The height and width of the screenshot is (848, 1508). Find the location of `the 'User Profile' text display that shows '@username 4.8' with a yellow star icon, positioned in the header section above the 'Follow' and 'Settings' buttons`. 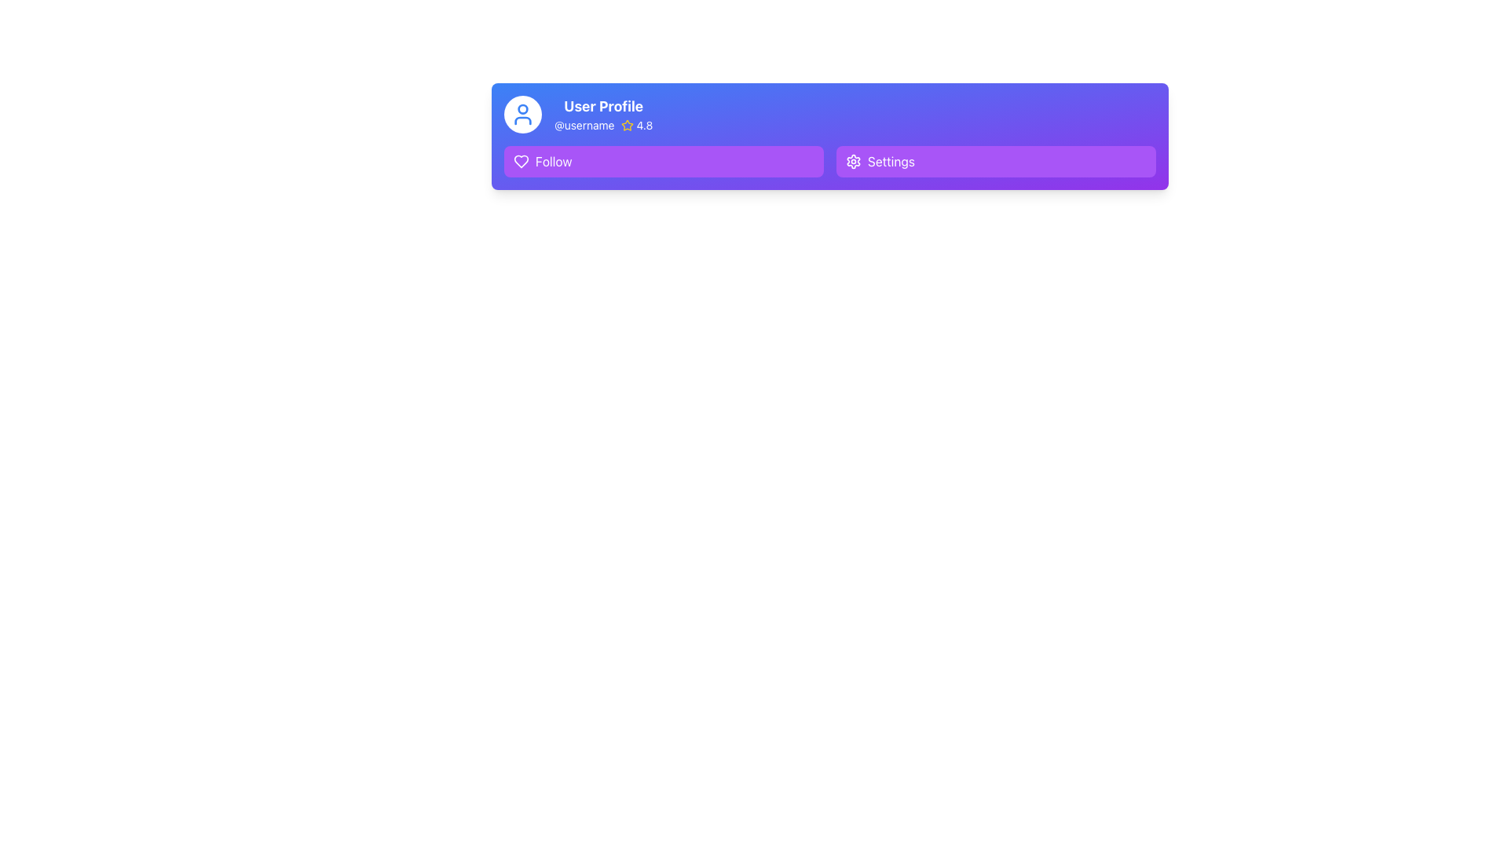

the 'User Profile' text display that shows '@username 4.8' with a yellow star icon, positioned in the header section above the 'Follow' and 'Settings' buttons is located at coordinates (602, 114).